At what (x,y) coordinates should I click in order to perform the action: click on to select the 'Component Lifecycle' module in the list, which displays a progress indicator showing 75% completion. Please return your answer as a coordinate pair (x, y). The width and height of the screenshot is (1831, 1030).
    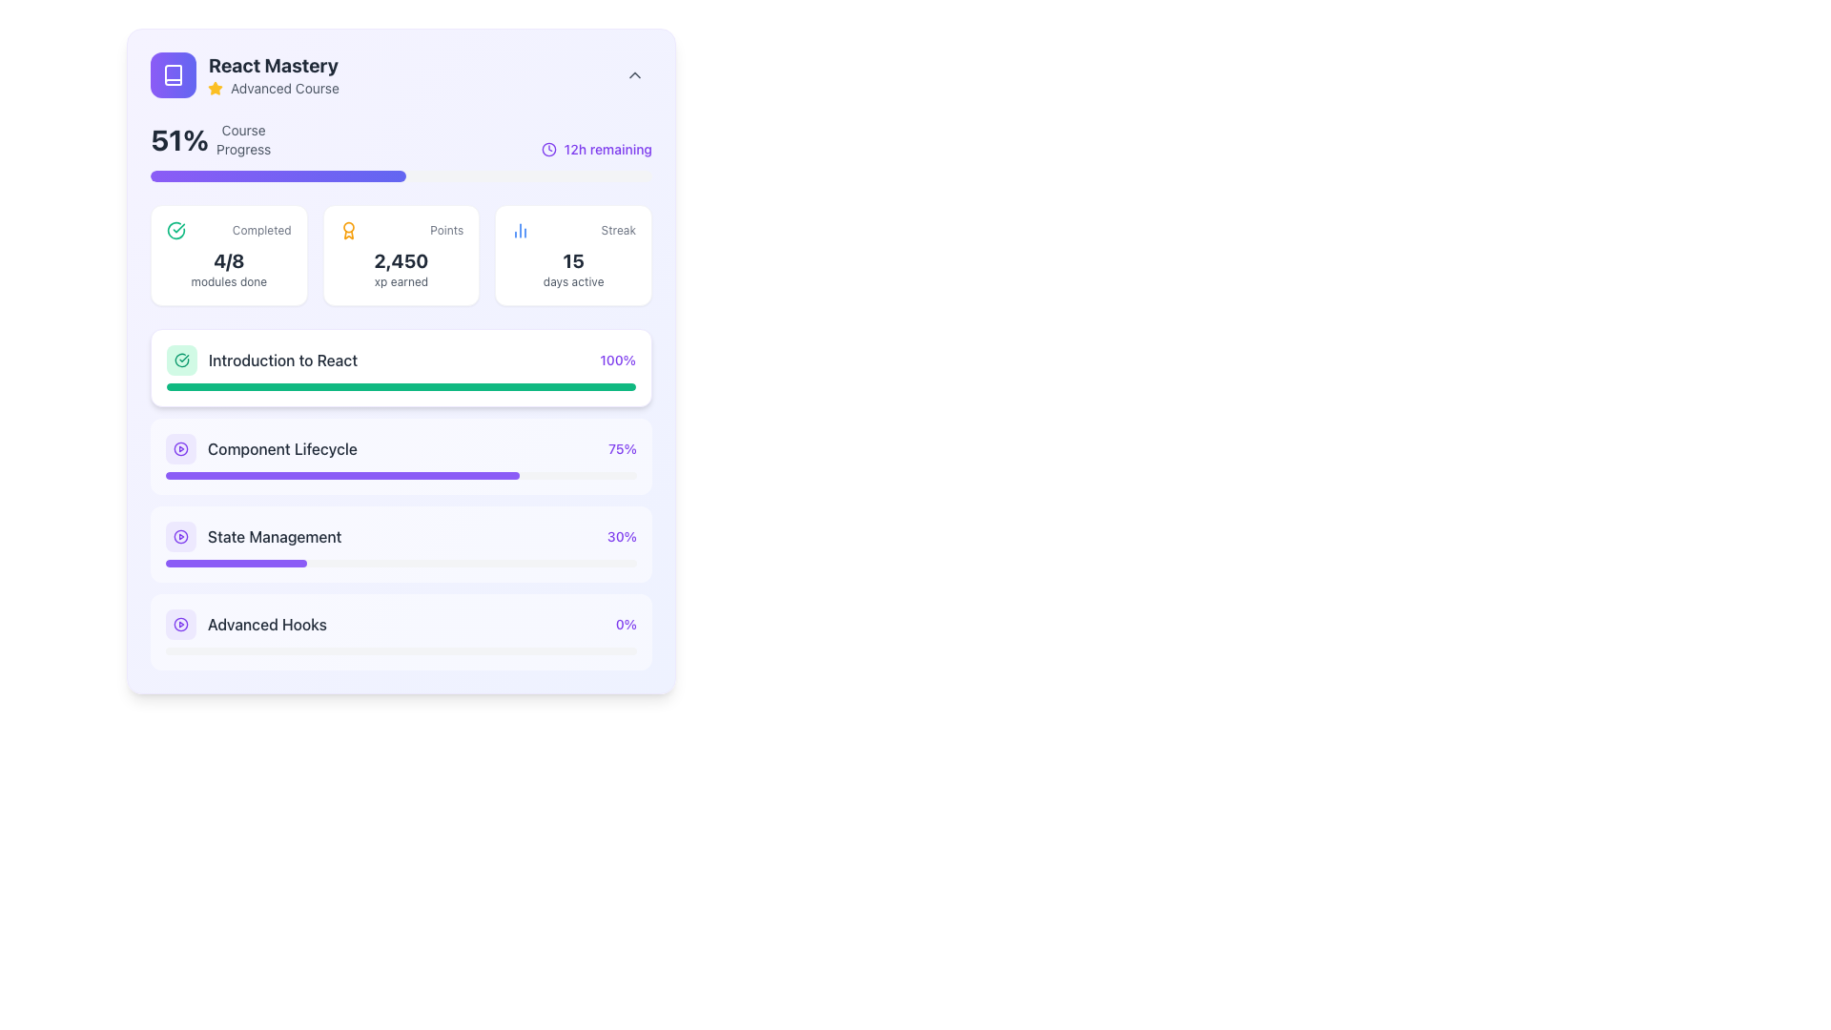
    Looking at the image, I should click on (401, 456).